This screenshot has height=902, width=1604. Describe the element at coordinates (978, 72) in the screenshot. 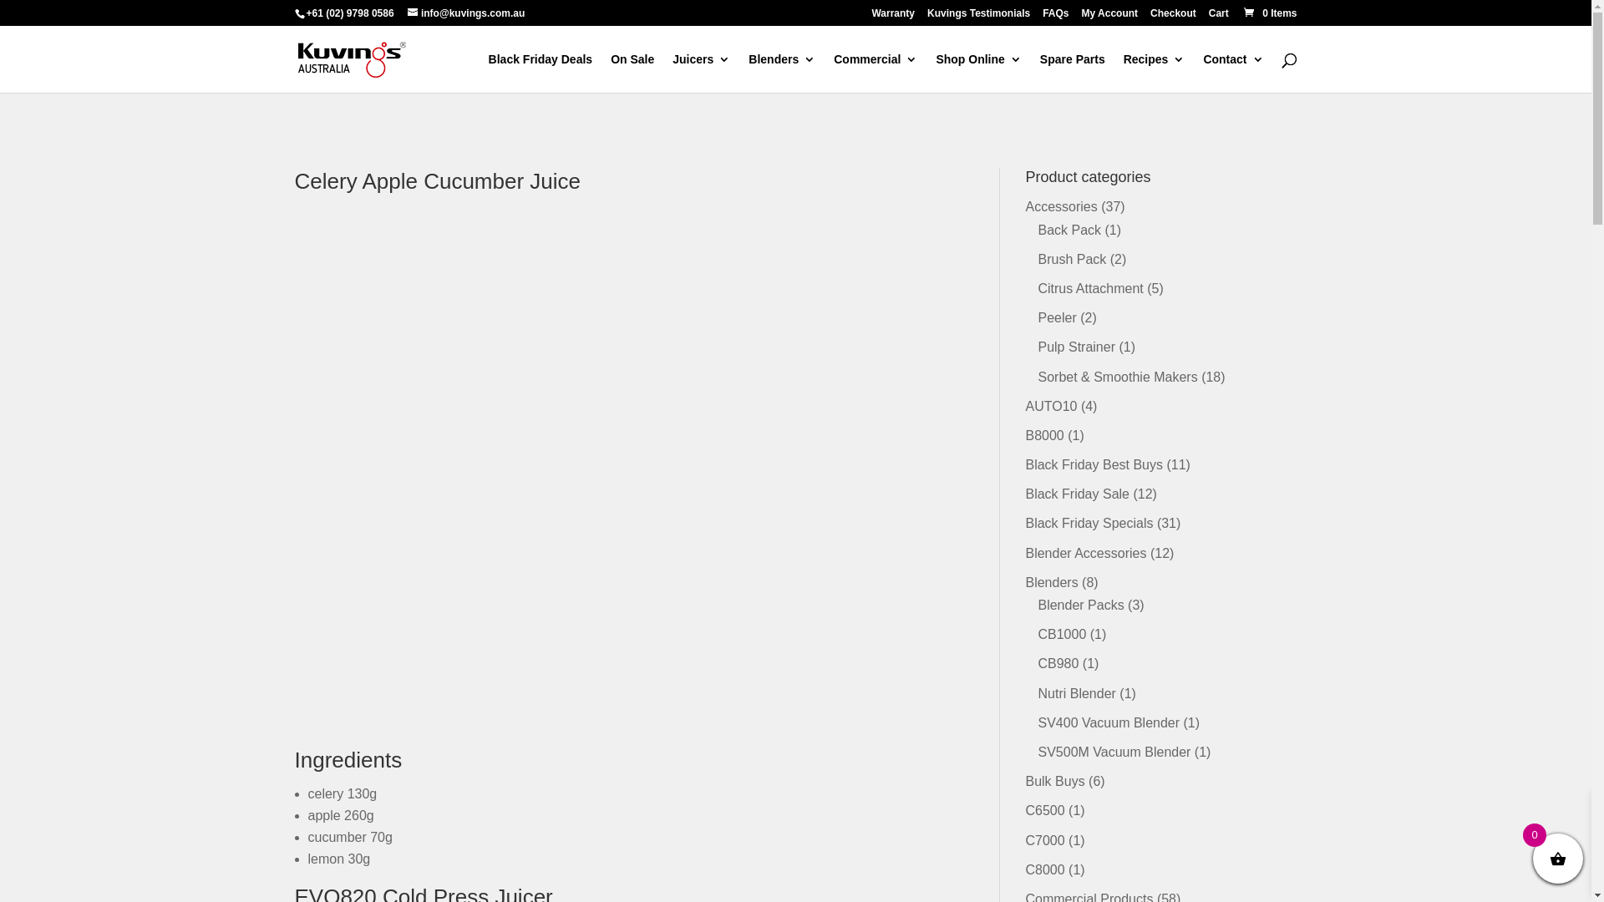

I see `'Shop Online'` at that location.